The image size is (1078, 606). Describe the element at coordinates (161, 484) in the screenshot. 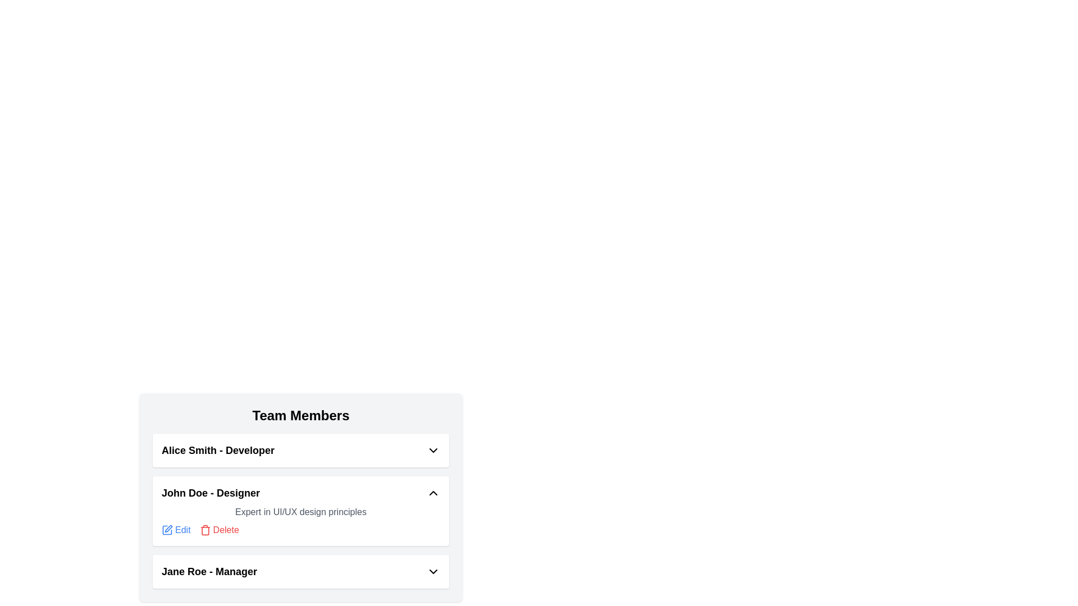

I see `the text 'John Doe - Designer' for copying` at that location.